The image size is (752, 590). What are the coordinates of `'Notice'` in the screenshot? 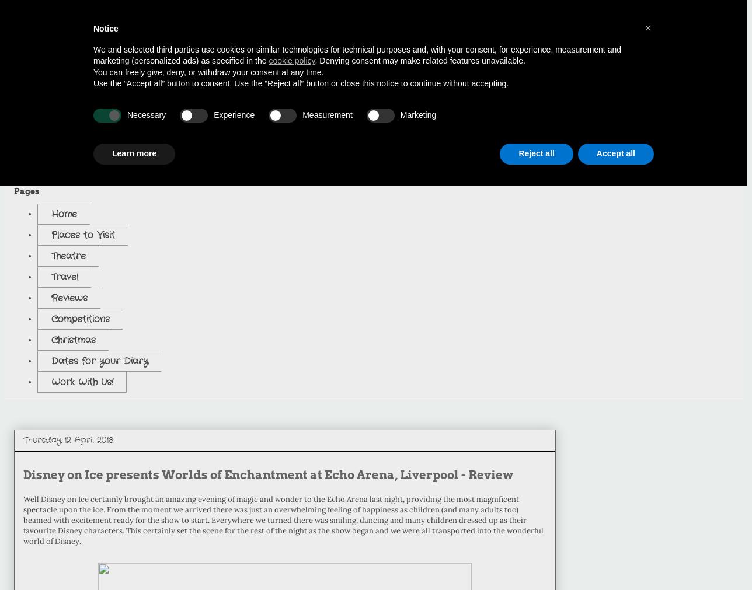 It's located at (105, 28).